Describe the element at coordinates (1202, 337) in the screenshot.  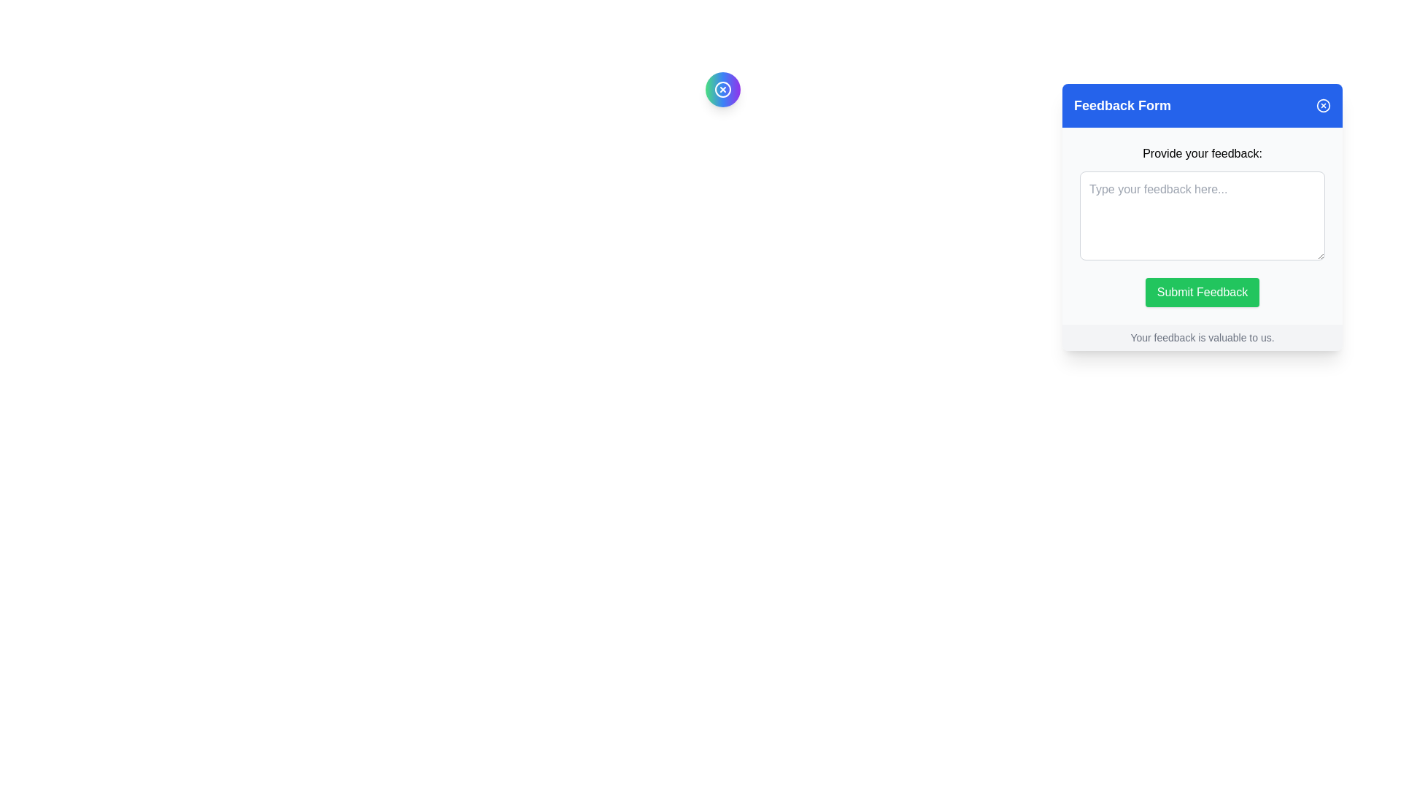
I see `the text label with the message 'Your feedback is valuable to us.' located at the bottom of the feedback form modal, directly below the green 'Submit Feedback' button` at that location.